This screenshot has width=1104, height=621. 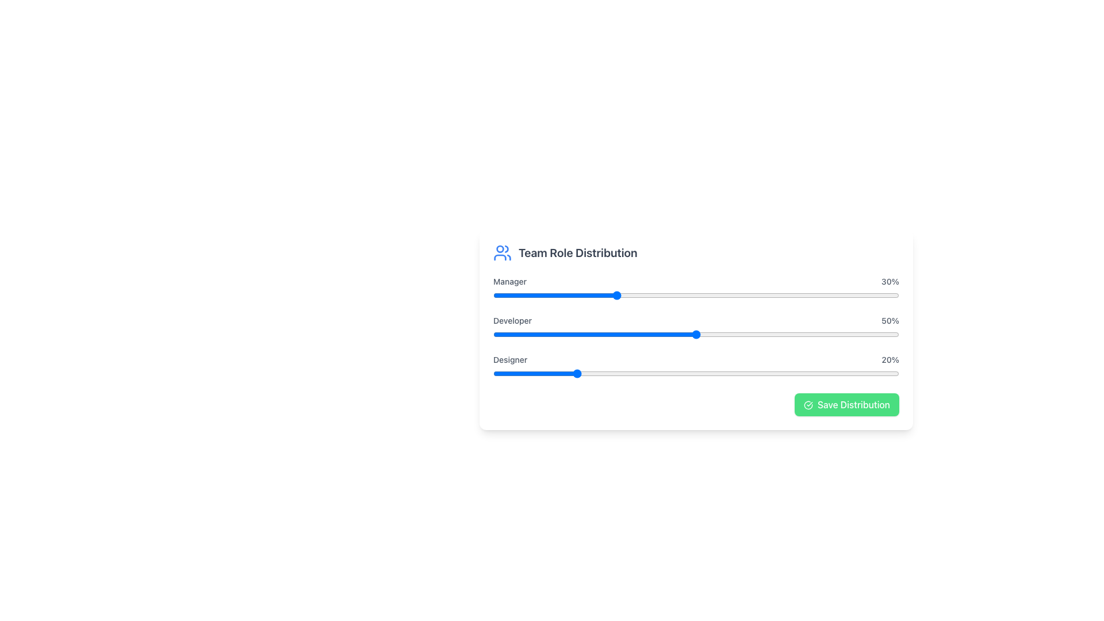 What do you see at coordinates (695, 366) in the screenshot?
I see `the slider track located between the 'Designer' label and the '20%' percentage to move the thumb for adjusting the allocation for the Designer role` at bounding box center [695, 366].